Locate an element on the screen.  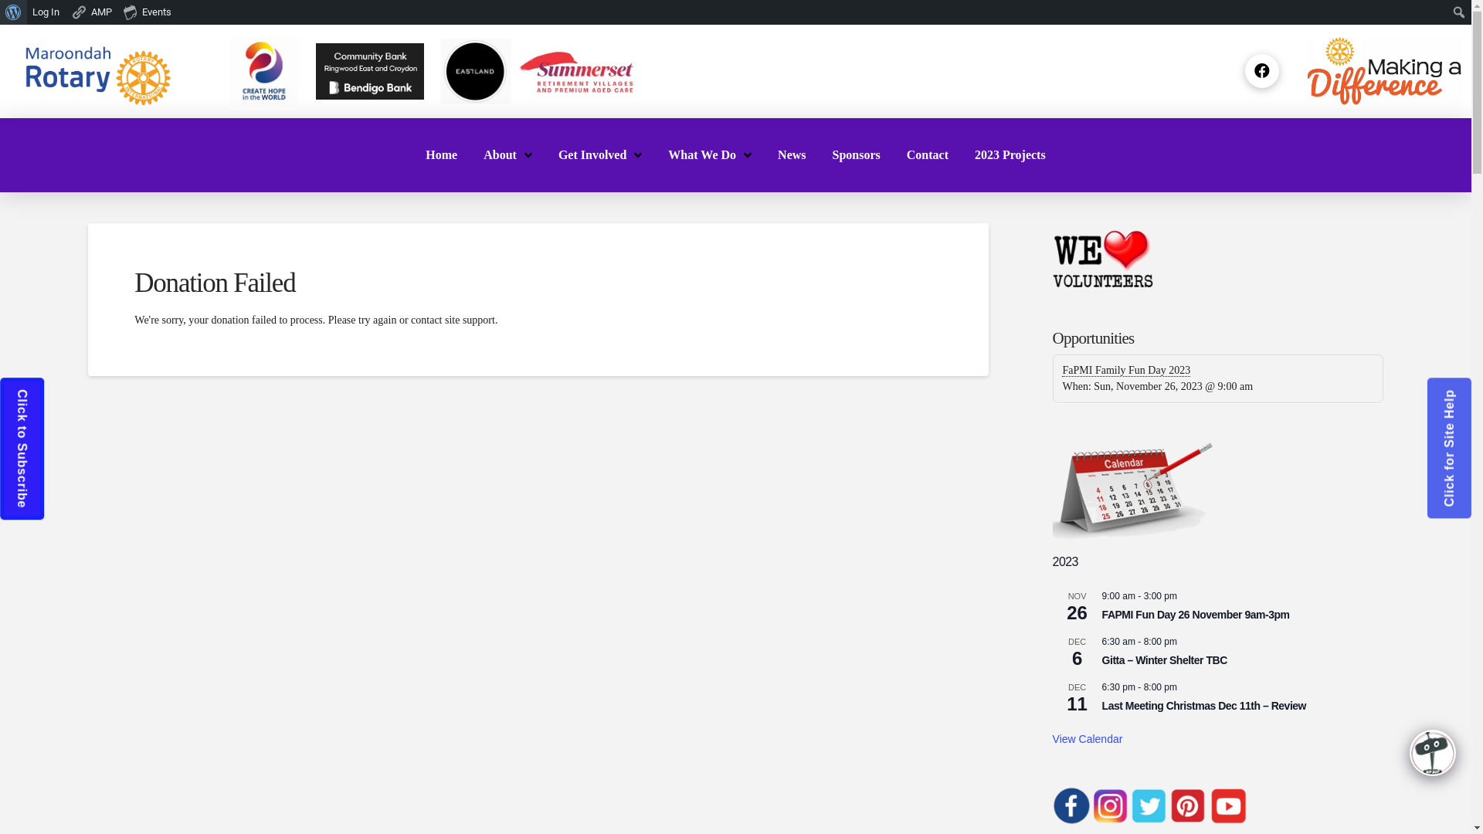
'AMP' is located at coordinates (91, 12).